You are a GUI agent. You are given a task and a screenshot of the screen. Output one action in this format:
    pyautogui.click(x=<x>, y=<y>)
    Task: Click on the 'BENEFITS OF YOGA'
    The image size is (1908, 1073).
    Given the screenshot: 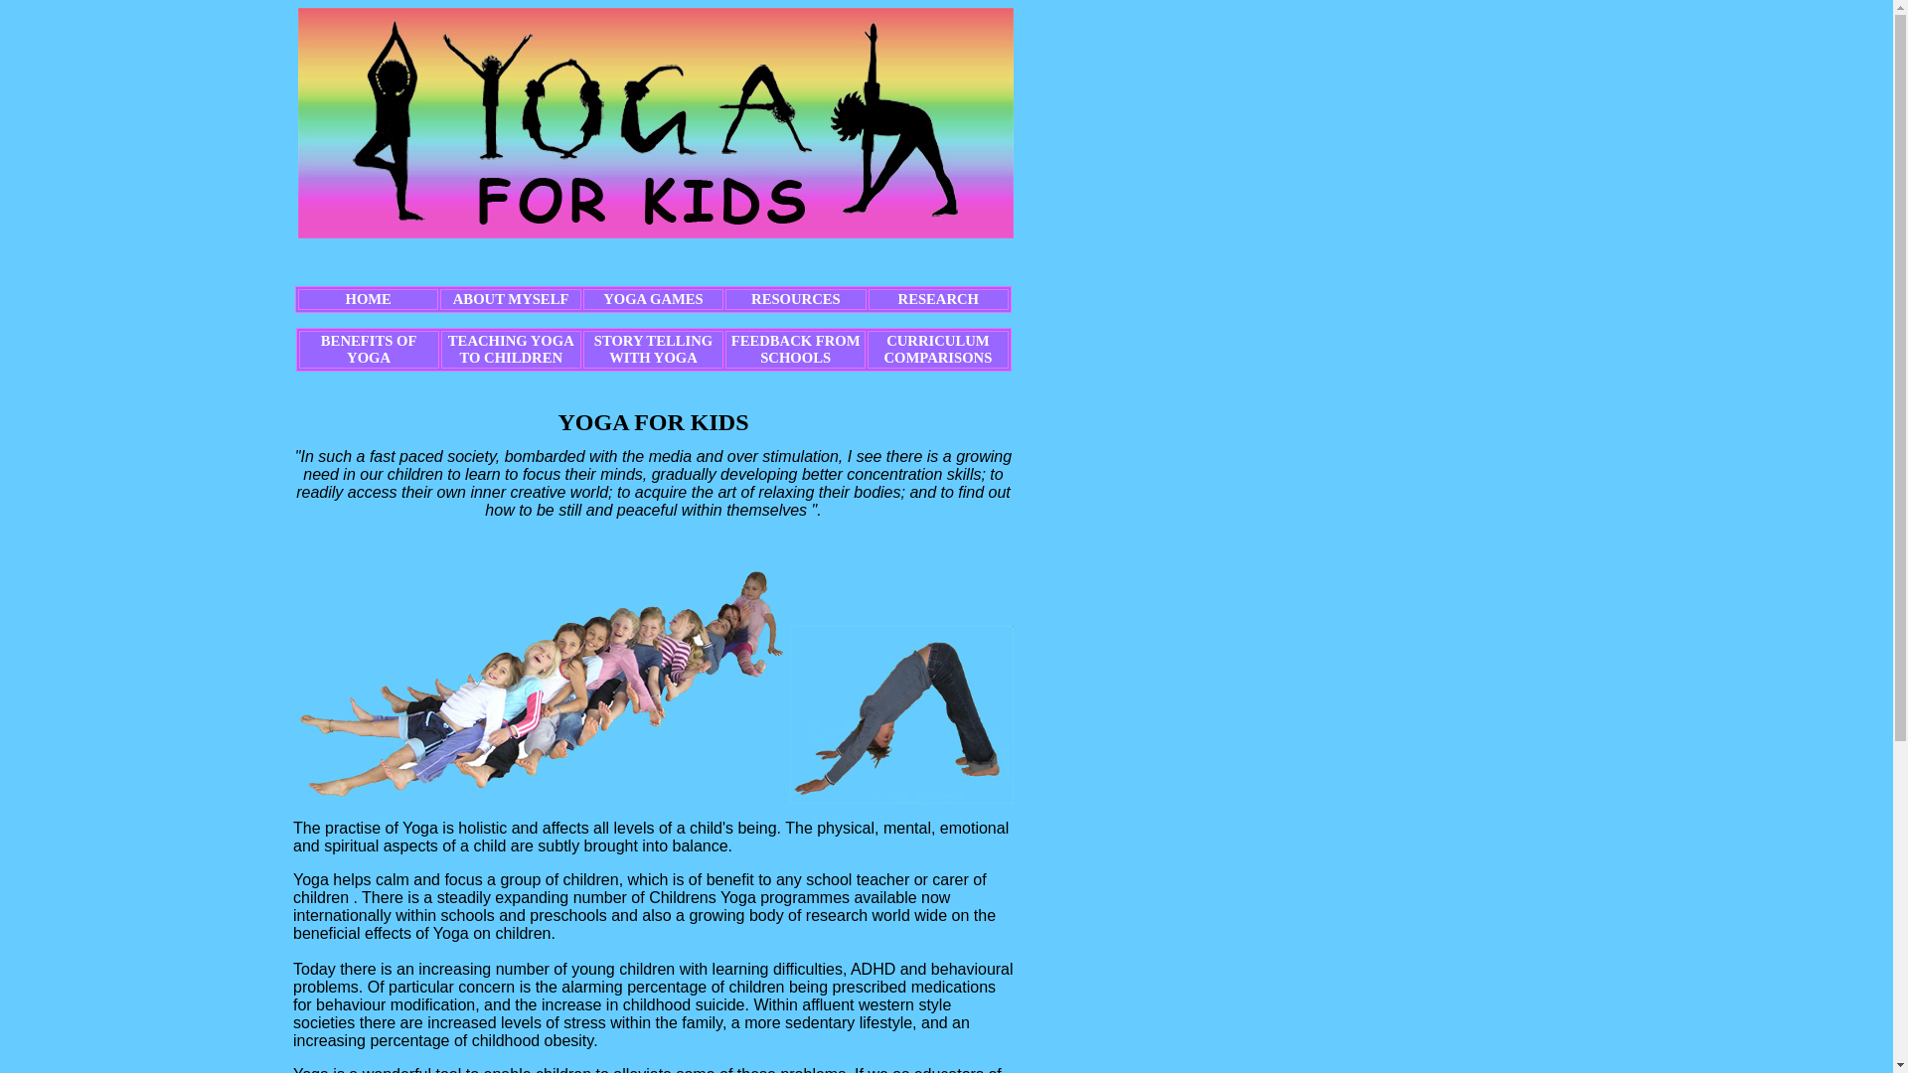 What is the action you would take?
    pyautogui.click(x=369, y=349)
    